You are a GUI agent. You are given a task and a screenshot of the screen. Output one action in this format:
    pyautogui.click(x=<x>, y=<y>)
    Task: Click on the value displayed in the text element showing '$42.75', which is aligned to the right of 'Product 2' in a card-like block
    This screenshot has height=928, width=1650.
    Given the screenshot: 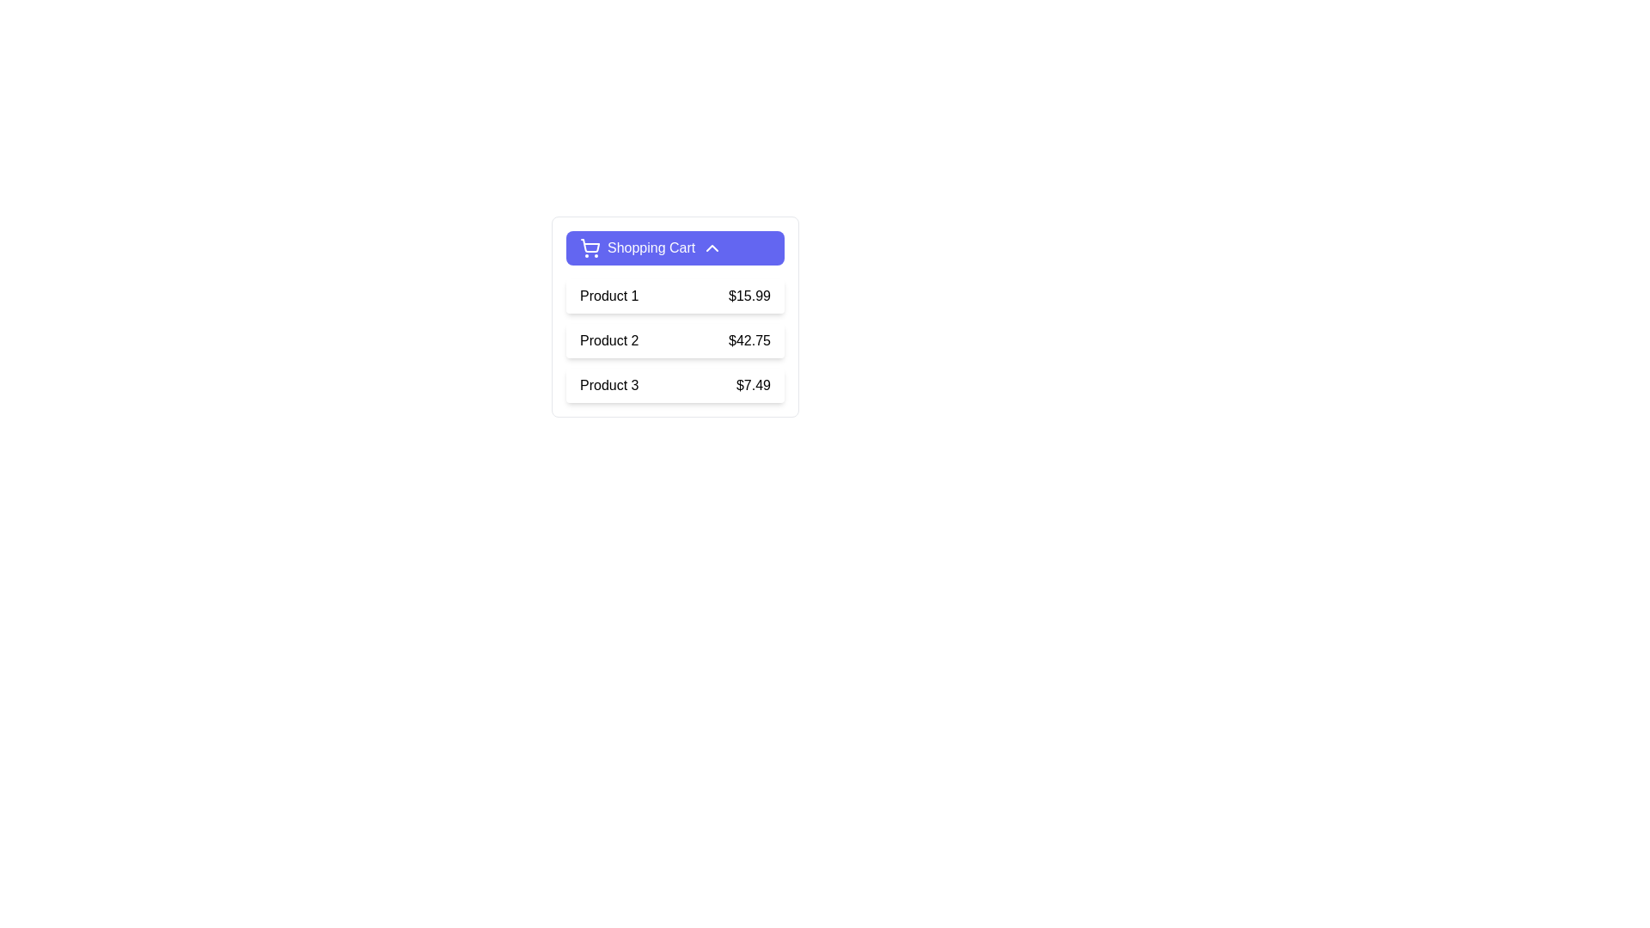 What is the action you would take?
    pyautogui.click(x=749, y=341)
    